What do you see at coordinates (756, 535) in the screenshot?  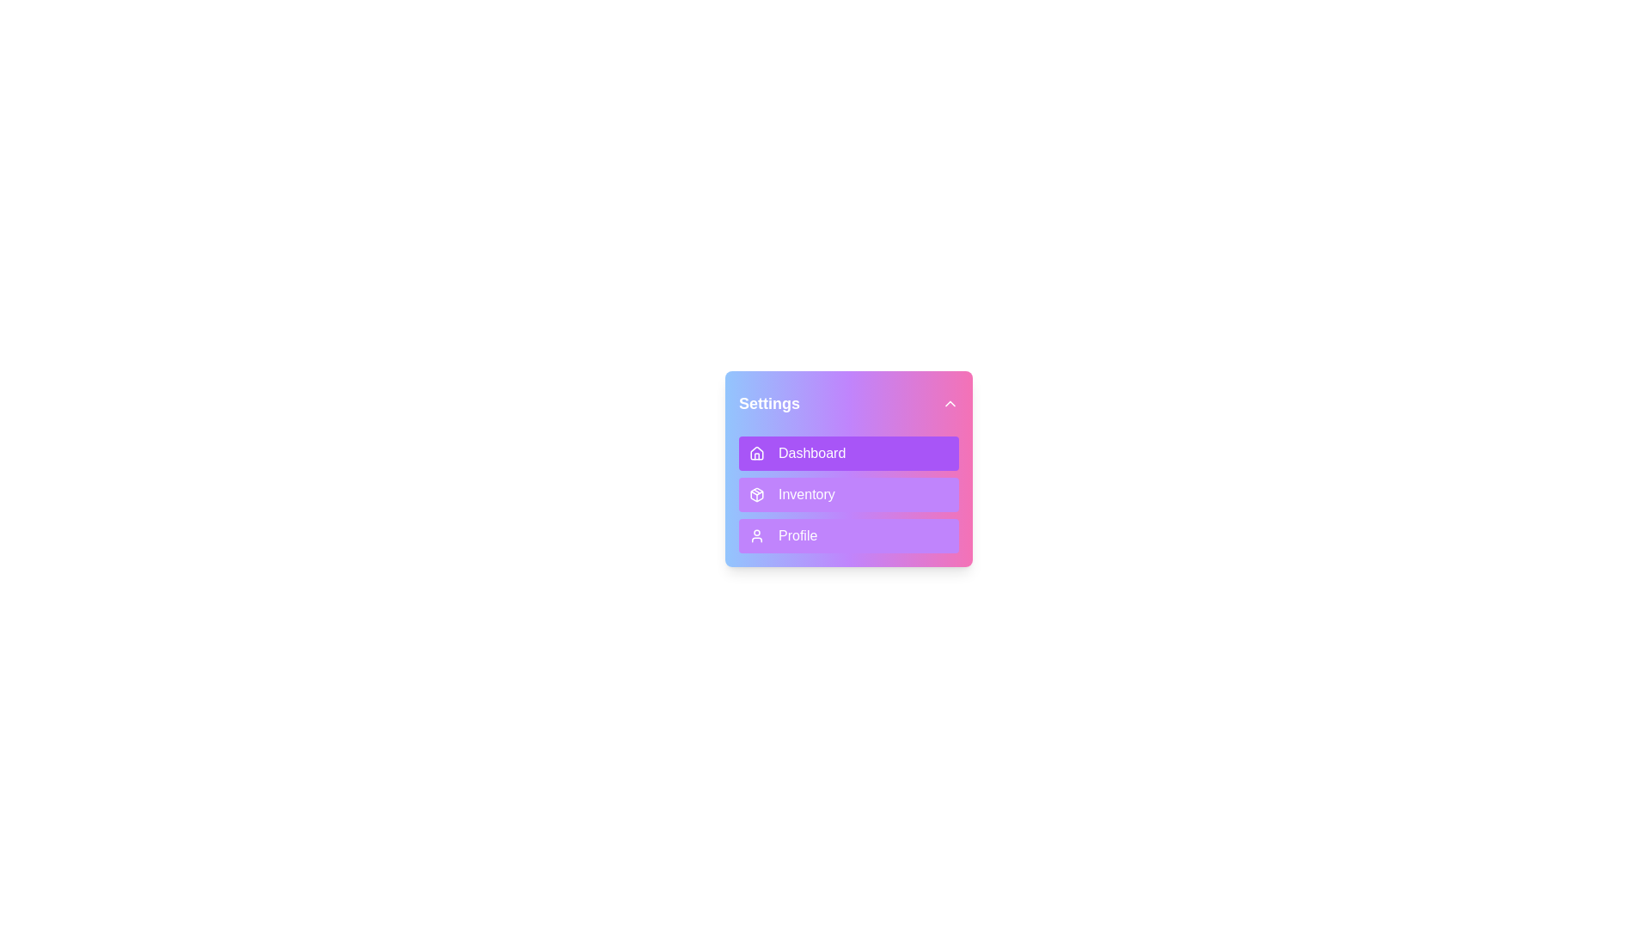 I see `the icon of the menu item Profile` at bounding box center [756, 535].